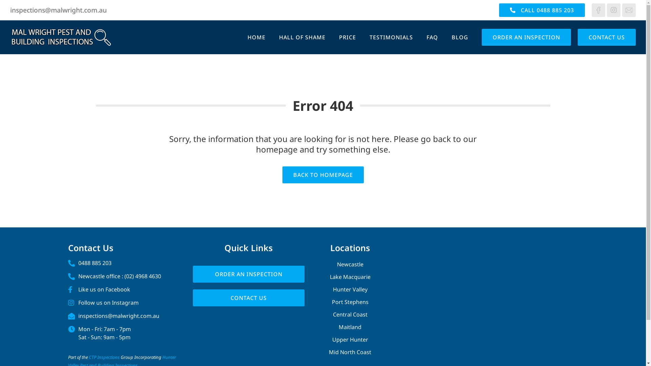 This screenshot has height=366, width=651. What do you see at coordinates (123, 302) in the screenshot?
I see `'Follow us on Instagram'` at bounding box center [123, 302].